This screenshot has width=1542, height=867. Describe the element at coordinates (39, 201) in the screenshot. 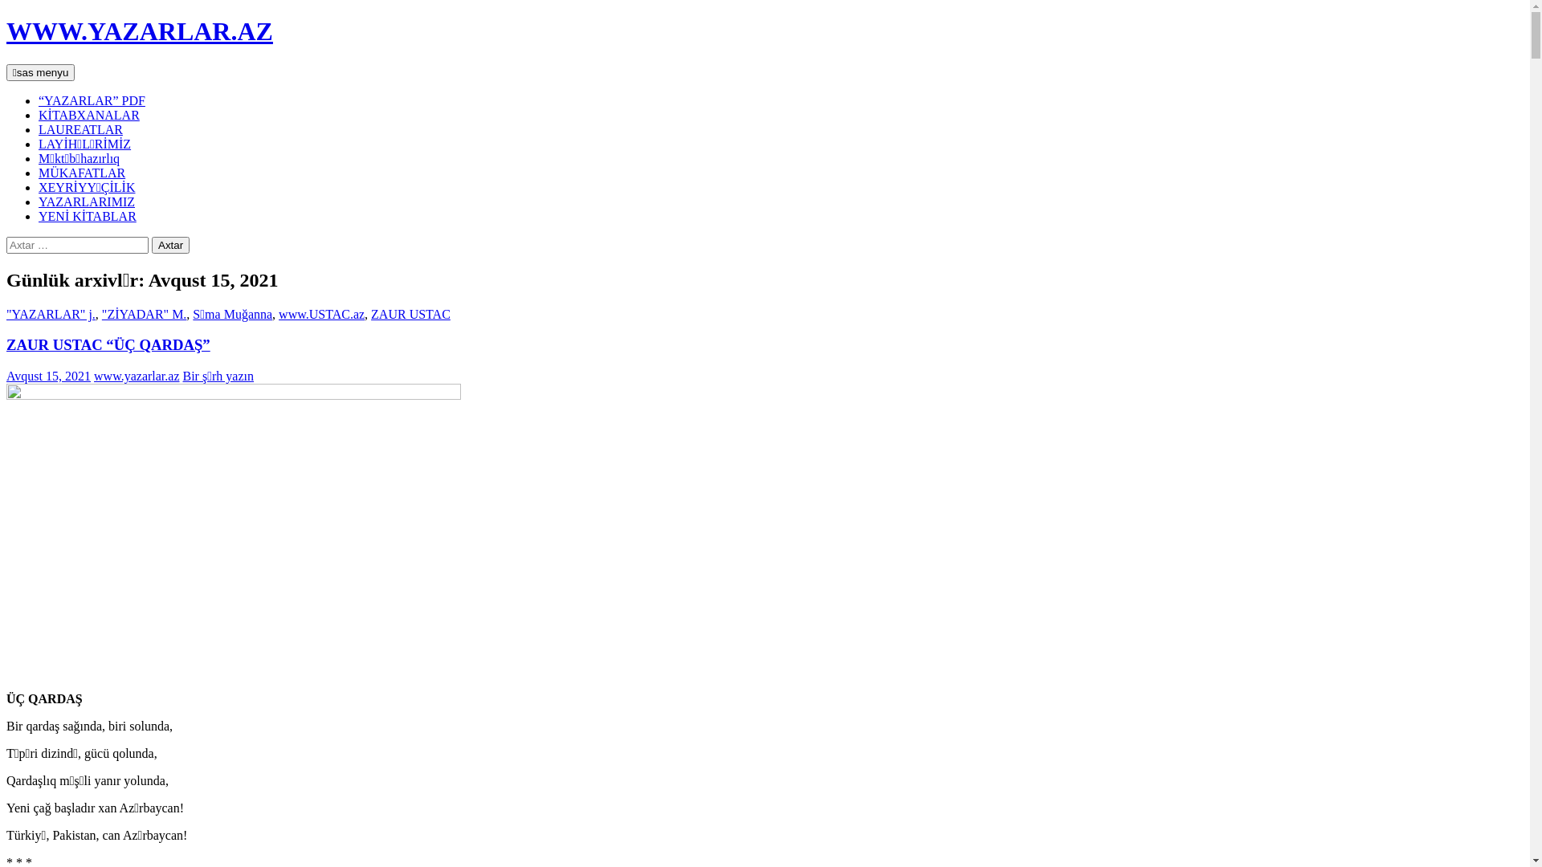

I see `'YAZARLARIMIZ'` at that location.